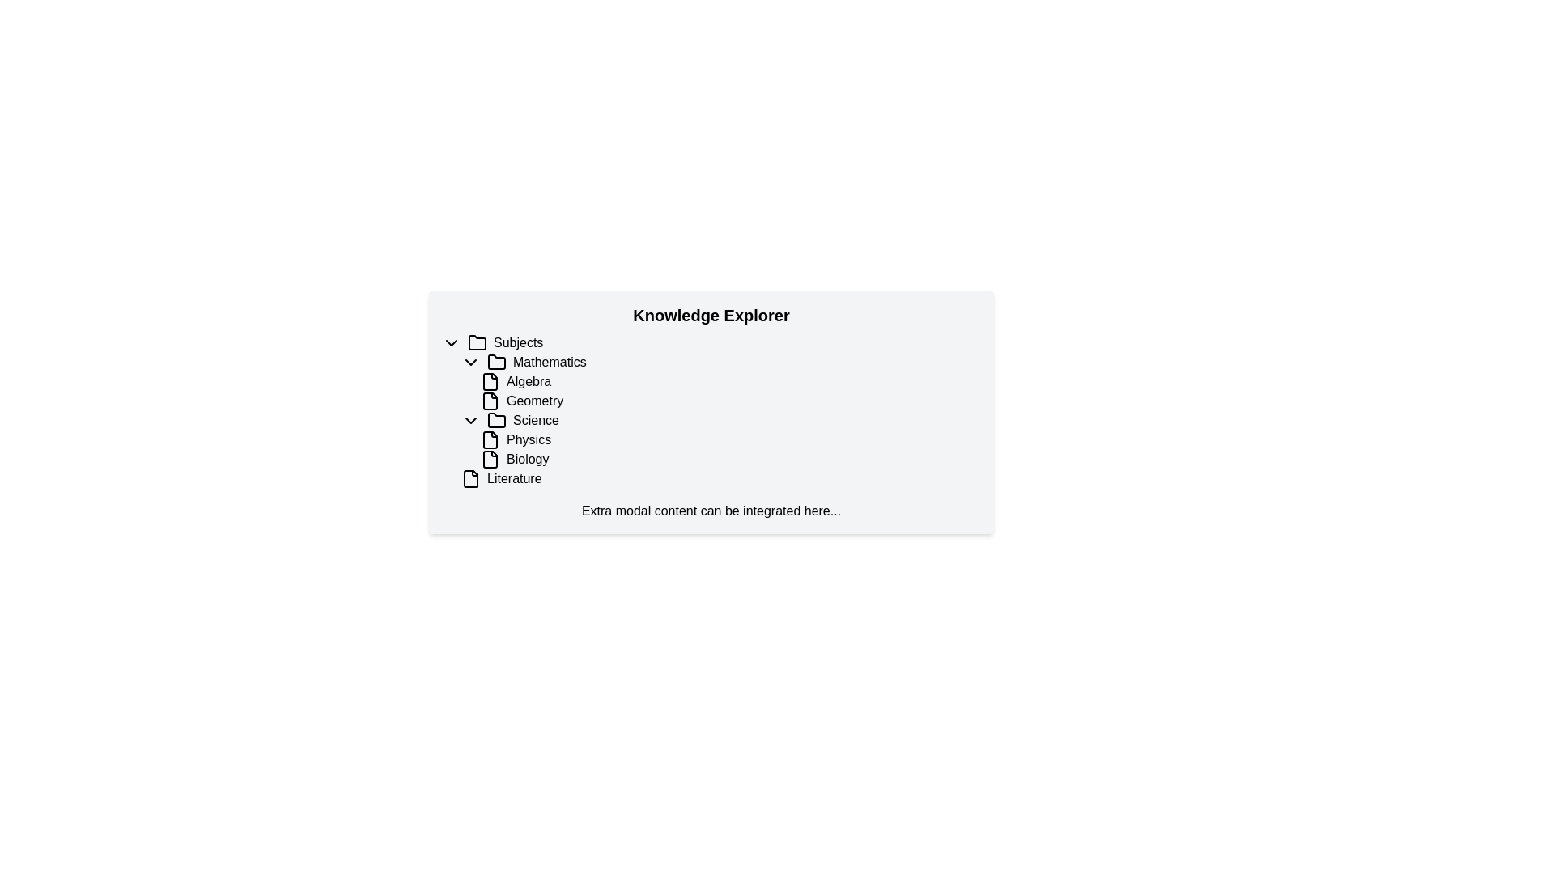  I want to click on the downward-pointing chevron icon located to the left of the text 'Science', so click(469, 420).